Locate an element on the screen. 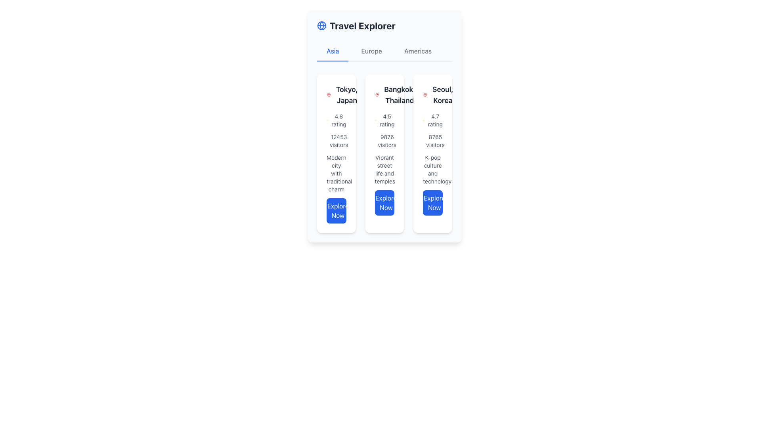  the text and icon pair displaying '4.8 rating' with a small yellow star icon, located in the first vertical card under the 'Asia' tab, positioned between 'Tokyo, Japan' and '12453 visitors' is located at coordinates (336, 120).